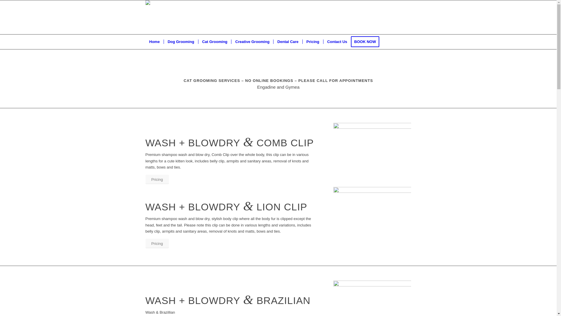  I want to click on 'Pricing', so click(157, 243).